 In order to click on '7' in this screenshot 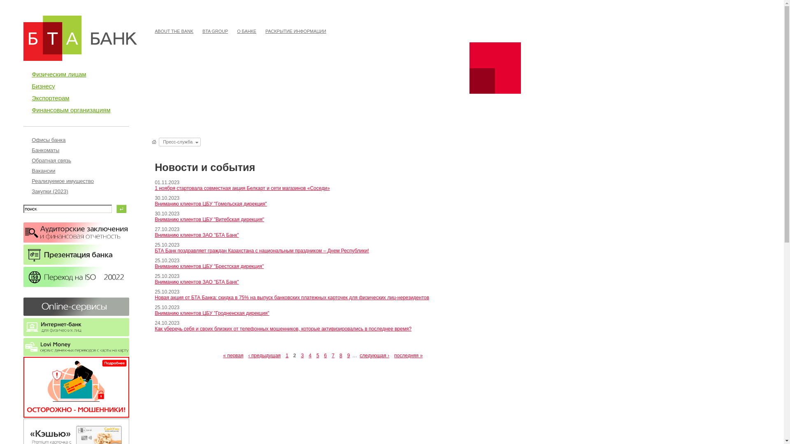, I will do `click(333, 355)`.